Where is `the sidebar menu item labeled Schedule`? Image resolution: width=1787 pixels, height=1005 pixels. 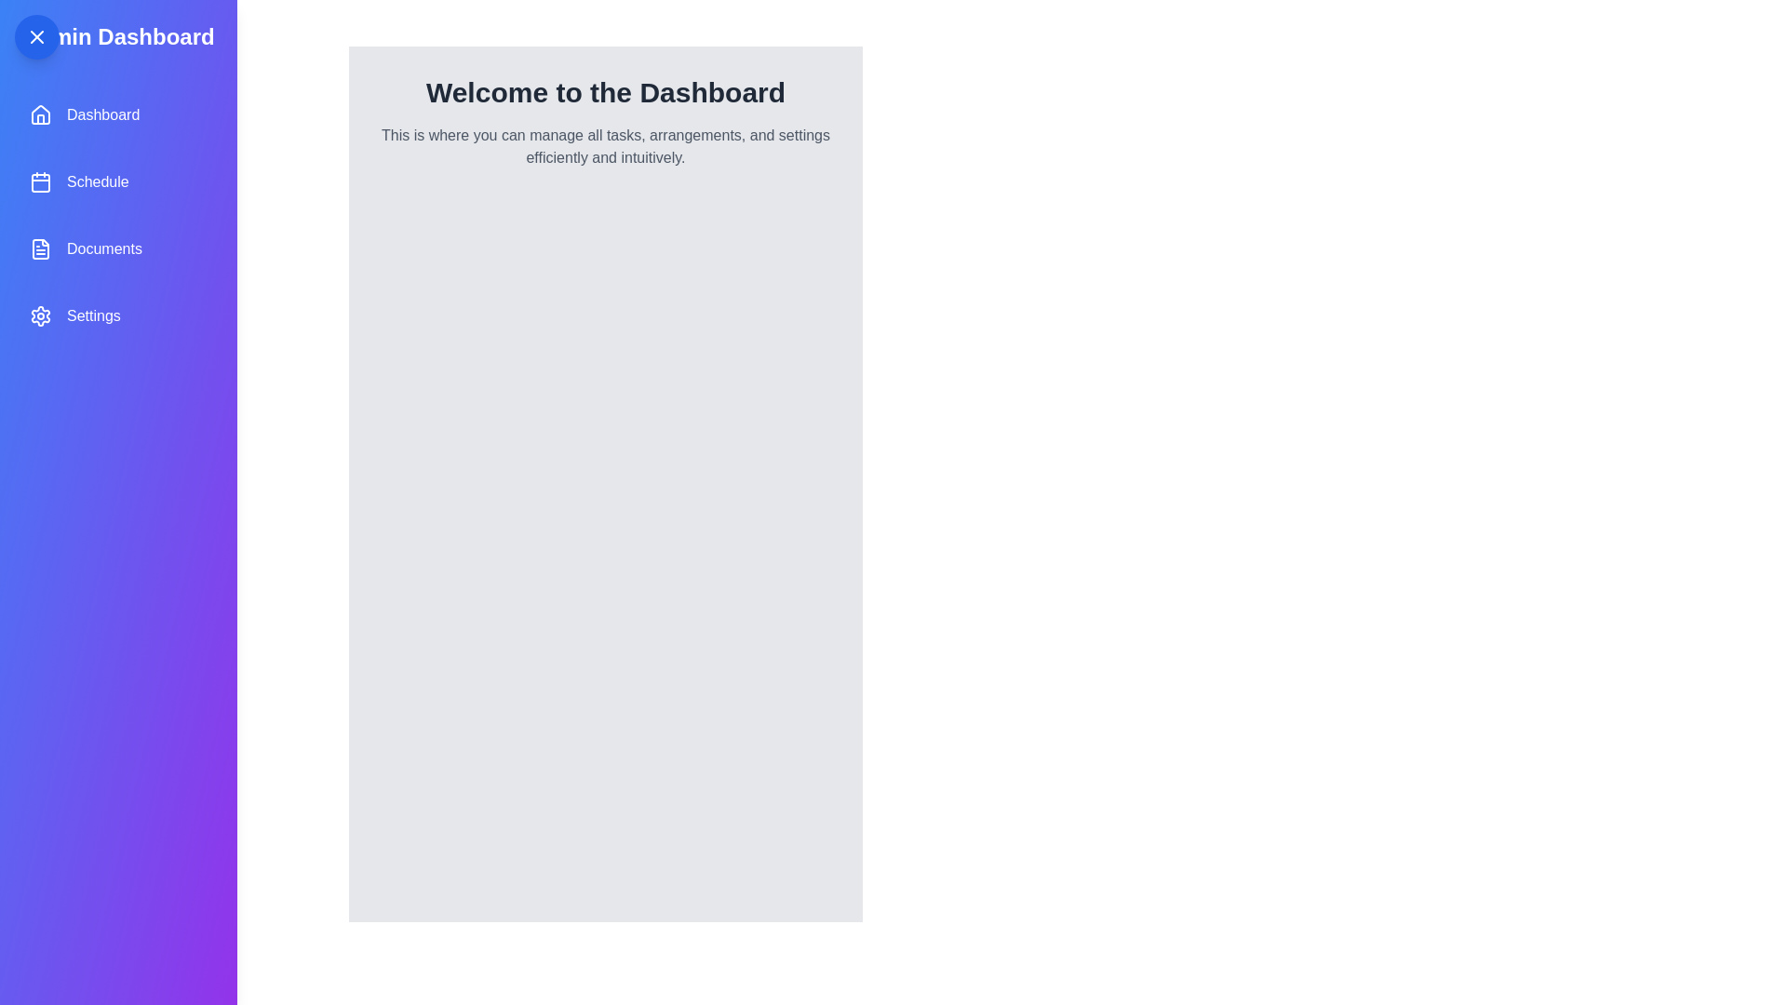 the sidebar menu item labeled Schedule is located at coordinates (116, 182).